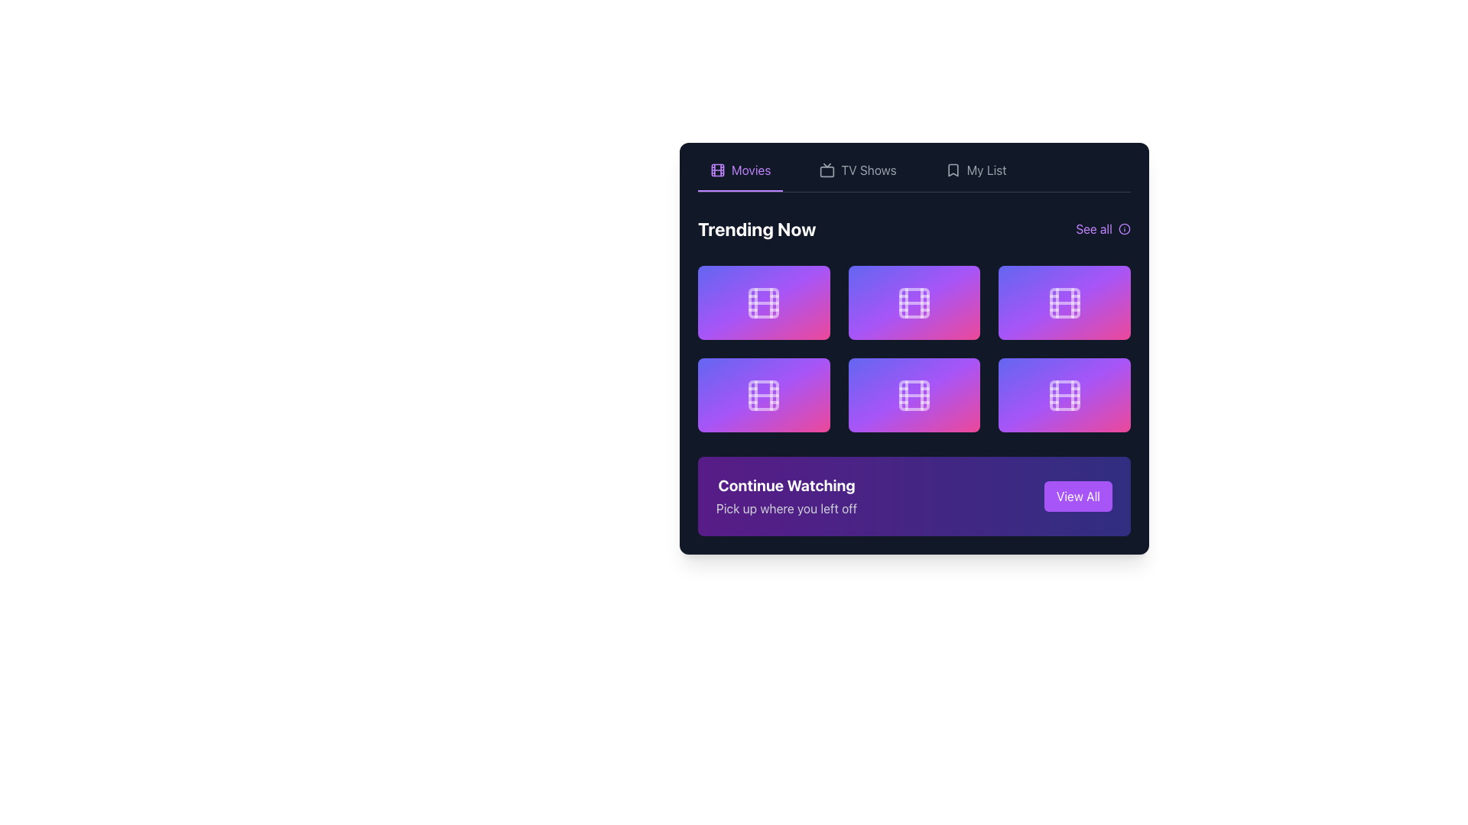 The width and height of the screenshot is (1468, 825). What do you see at coordinates (1093, 229) in the screenshot?
I see `the interactive text label located in the upper-right corner of the 'Trending Now' panel` at bounding box center [1093, 229].